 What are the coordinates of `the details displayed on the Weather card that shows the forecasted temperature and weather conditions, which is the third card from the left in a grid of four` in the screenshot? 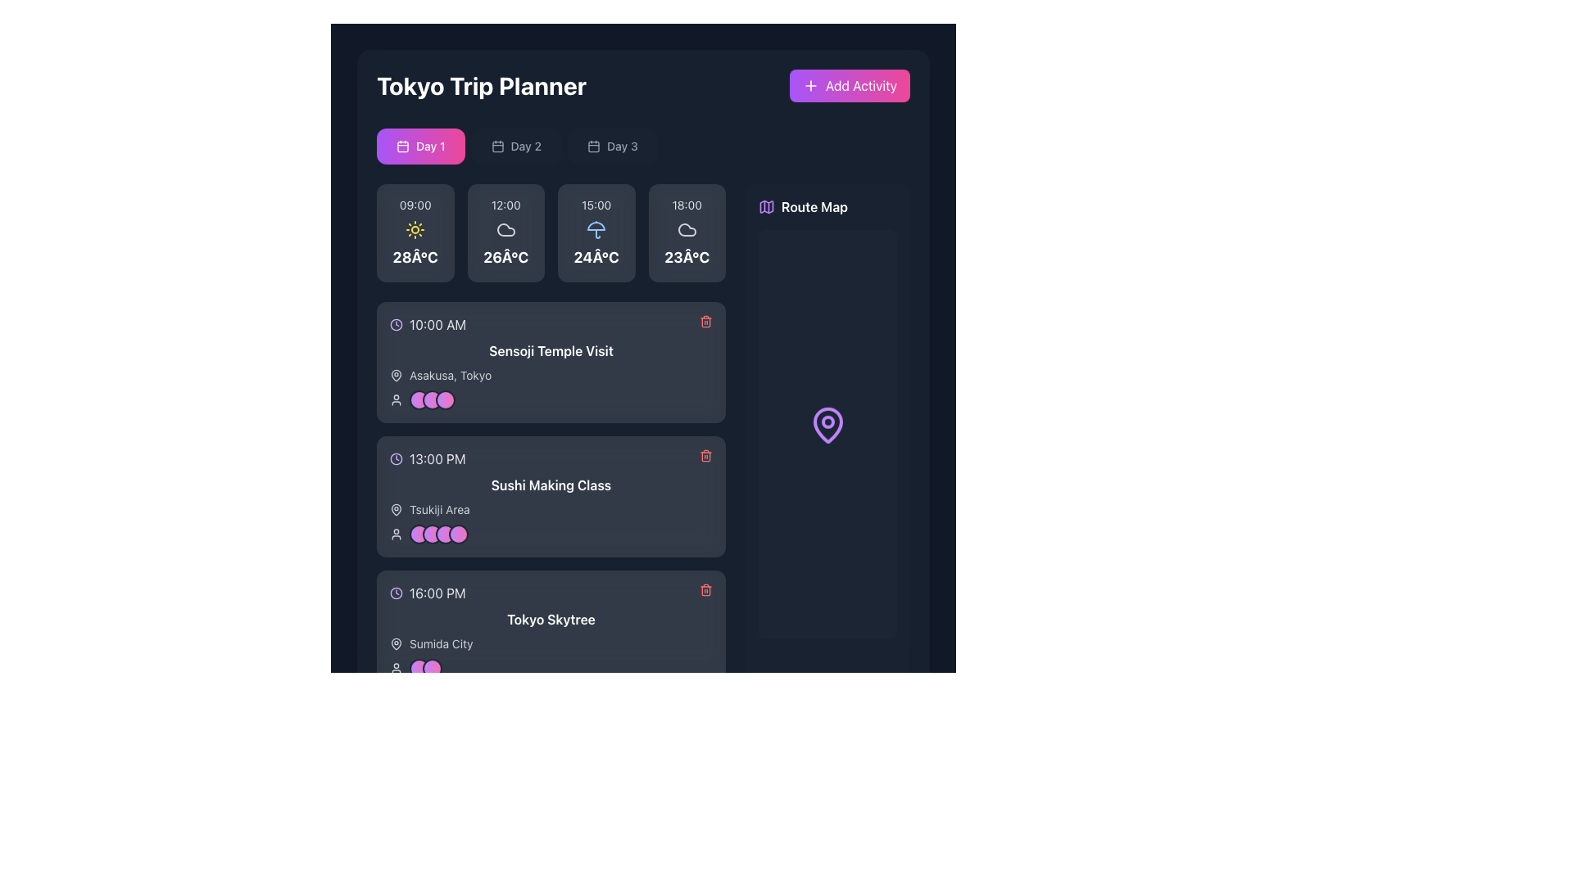 It's located at (596, 233).